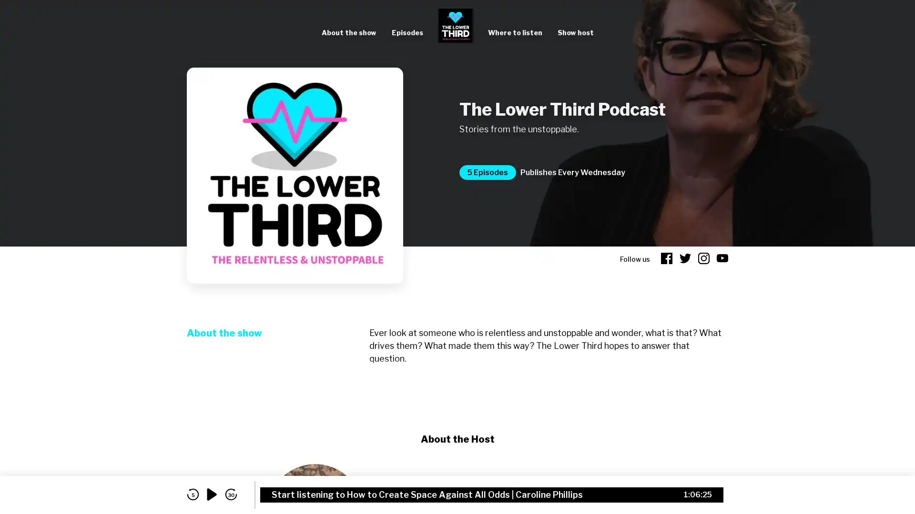 Image resolution: width=915 pixels, height=514 pixels. What do you see at coordinates (192, 494) in the screenshot?
I see `skip back 5 seconds` at bounding box center [192, 494].